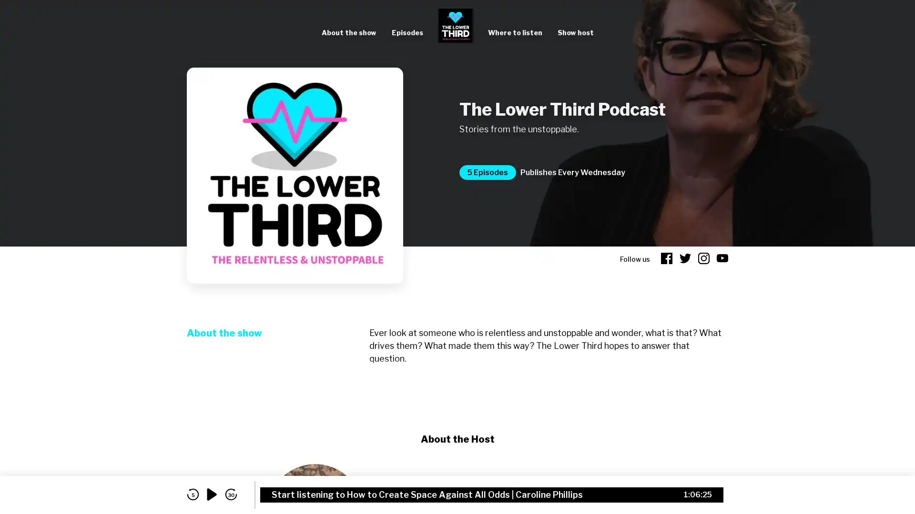 Image resolution: width=915 pixels, height=514 pixels. What do you see at coordinates (192, 494) in the screenshot?
I see `skip back 5 seconds` at bounding box center [192, 494].